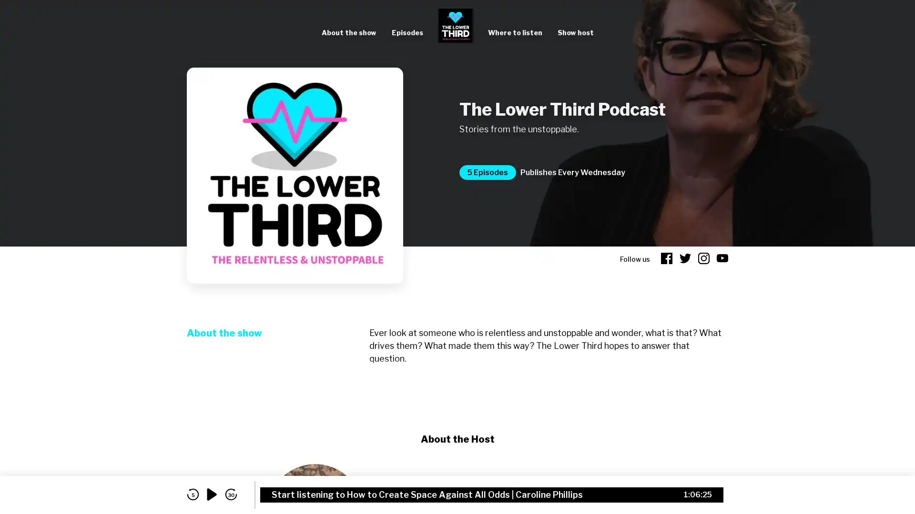 Image resolution: width=915 pixels, height=514 pixels. What do you see at coordinates (192, 494) in the screenshot?
I see `skip back 5 seconds` at bounding box center [192, 494].